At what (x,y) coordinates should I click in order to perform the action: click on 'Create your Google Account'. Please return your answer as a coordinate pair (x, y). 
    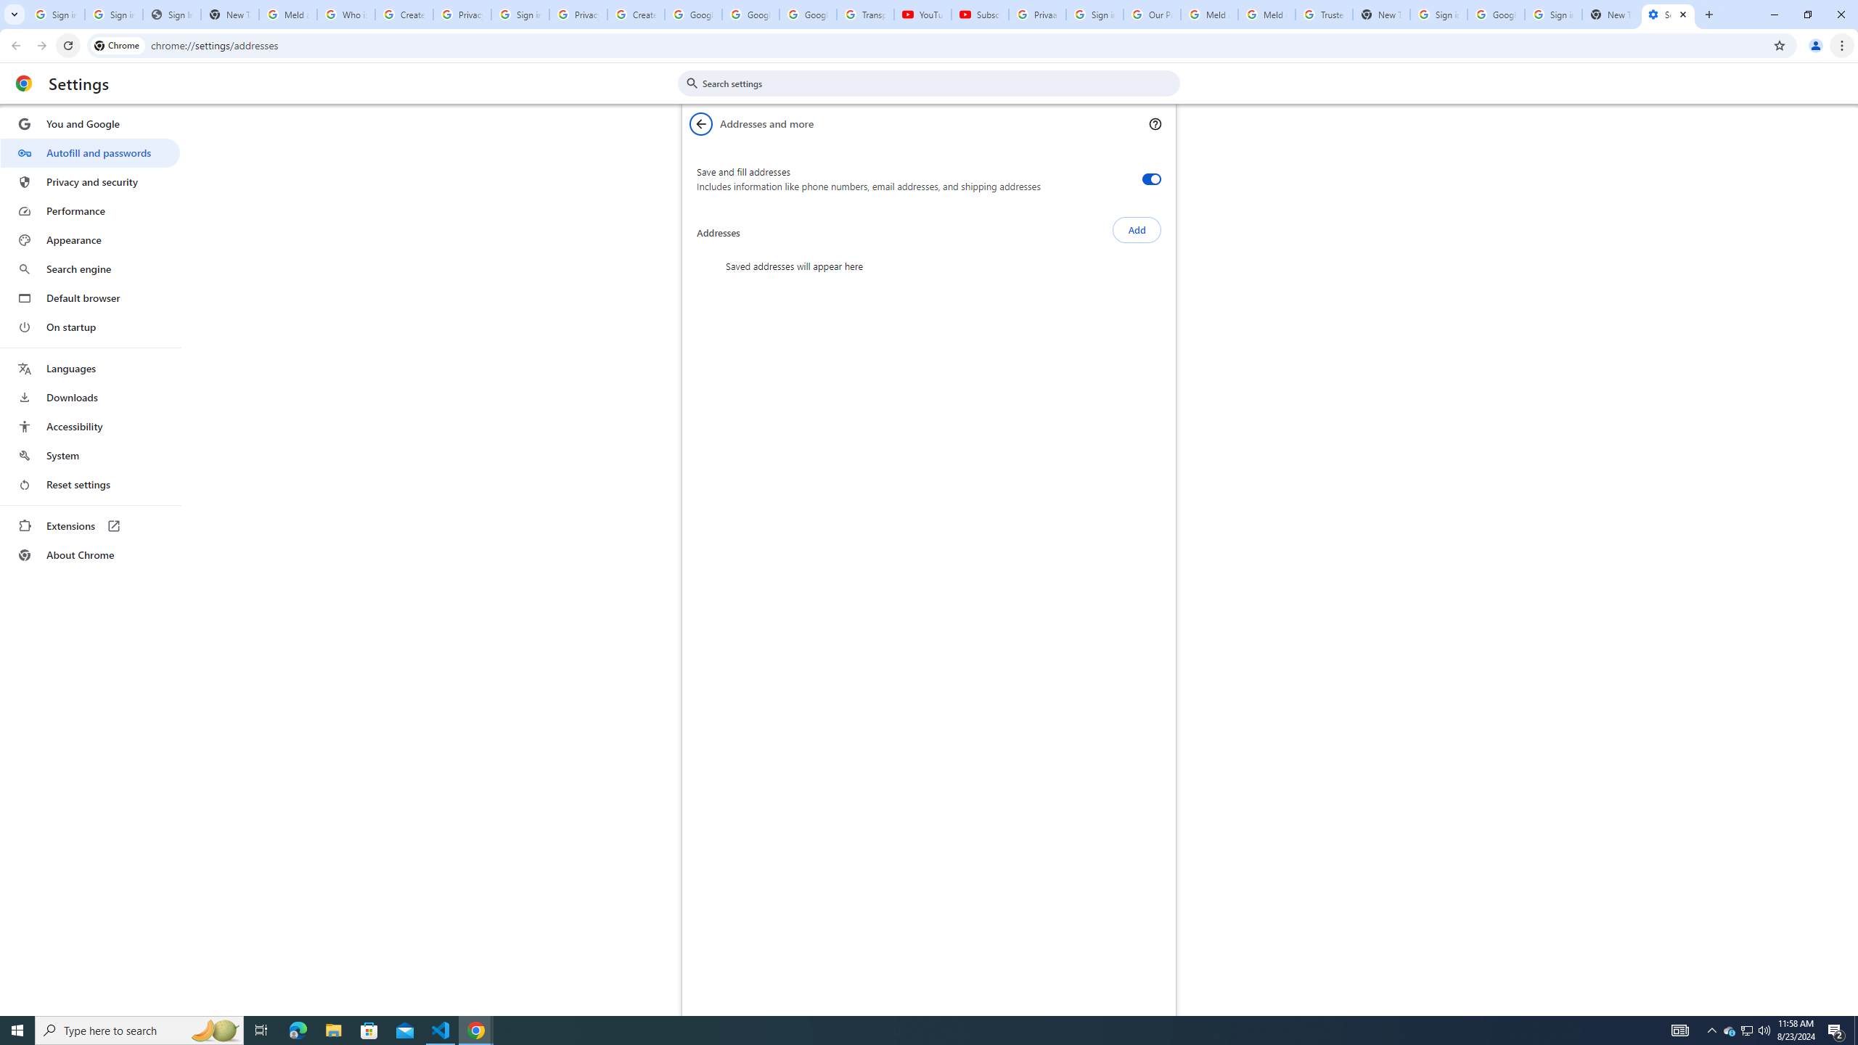
    Looking at the image, I should click on (635, 14).